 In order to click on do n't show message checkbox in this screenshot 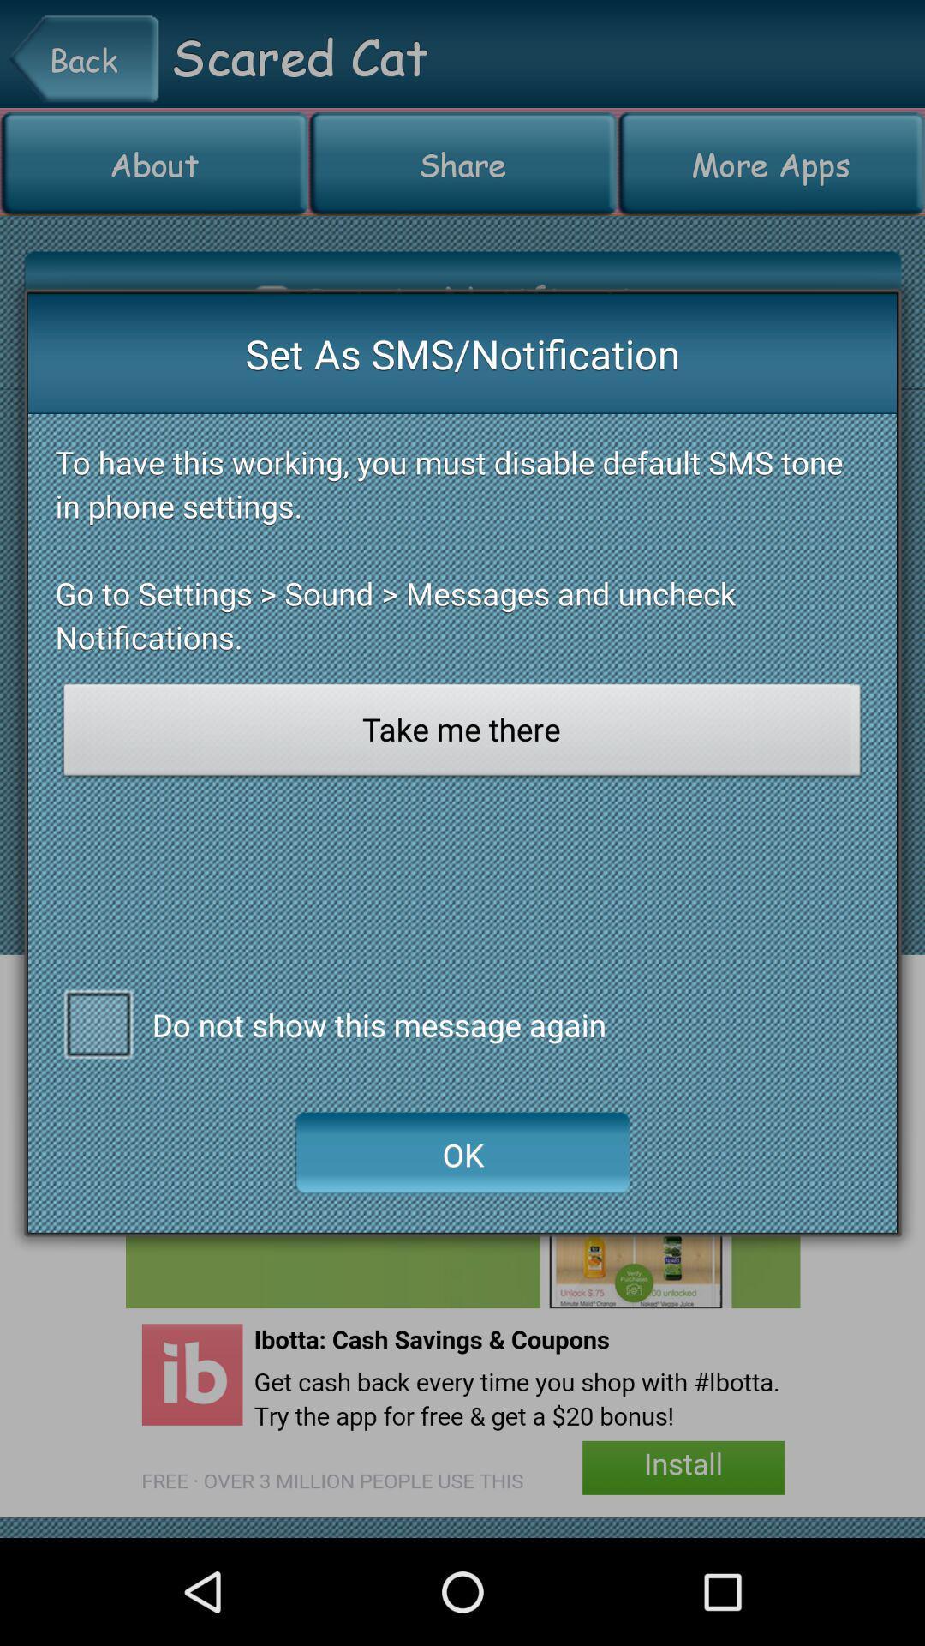, I will do `click(98, 1023)`.